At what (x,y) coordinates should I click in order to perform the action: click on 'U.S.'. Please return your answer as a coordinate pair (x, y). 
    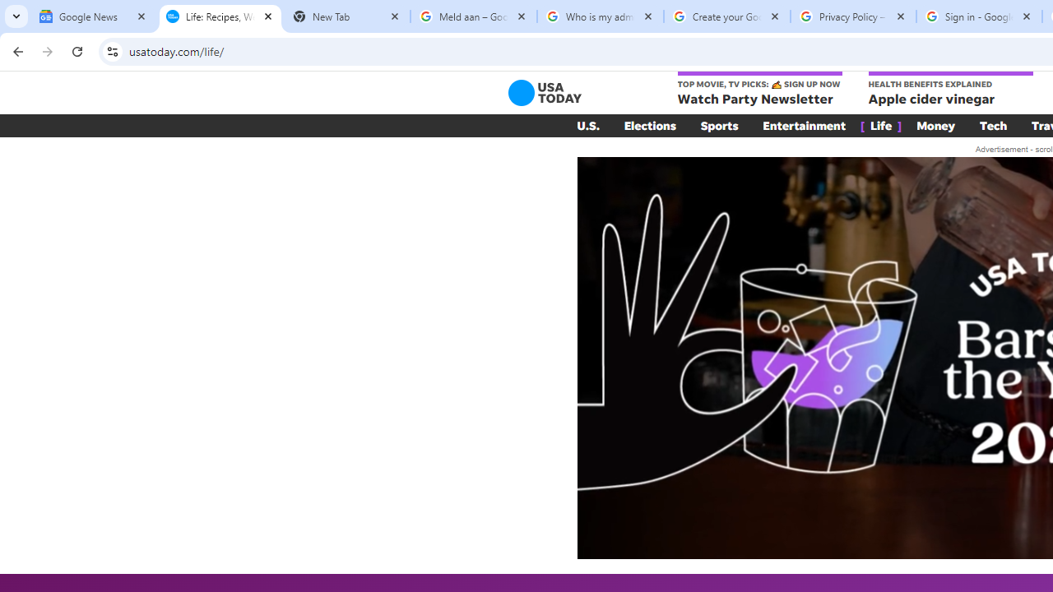
    Looking at the image, I should click on (587, 125).